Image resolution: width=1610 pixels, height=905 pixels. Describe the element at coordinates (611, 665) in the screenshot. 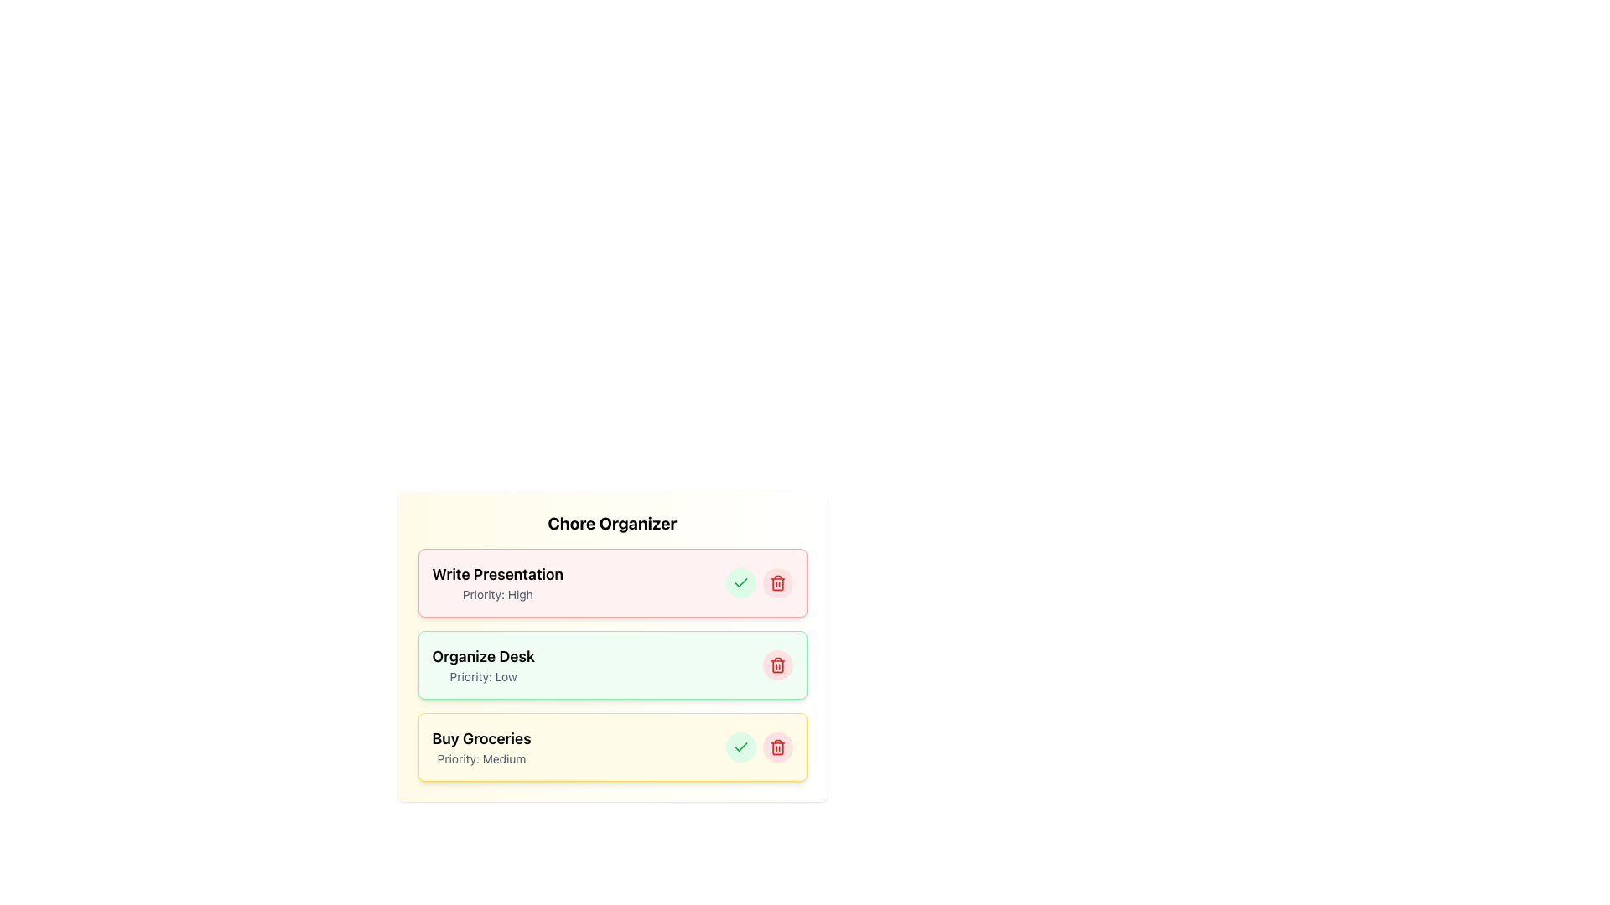

I see `details of the second list item titled 'Organize Desk' within the task organizer, which is visually identified by its green border and light green background` at that location.